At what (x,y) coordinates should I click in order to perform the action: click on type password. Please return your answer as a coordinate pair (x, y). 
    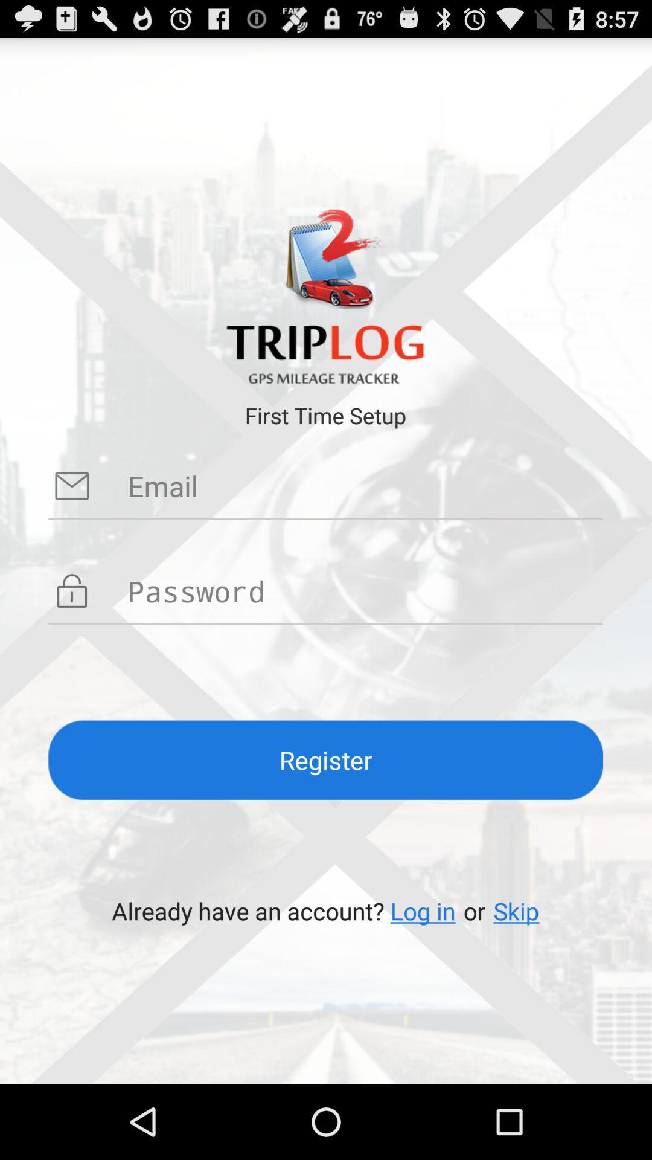
    Looking at the image, I should click on (365, 591).